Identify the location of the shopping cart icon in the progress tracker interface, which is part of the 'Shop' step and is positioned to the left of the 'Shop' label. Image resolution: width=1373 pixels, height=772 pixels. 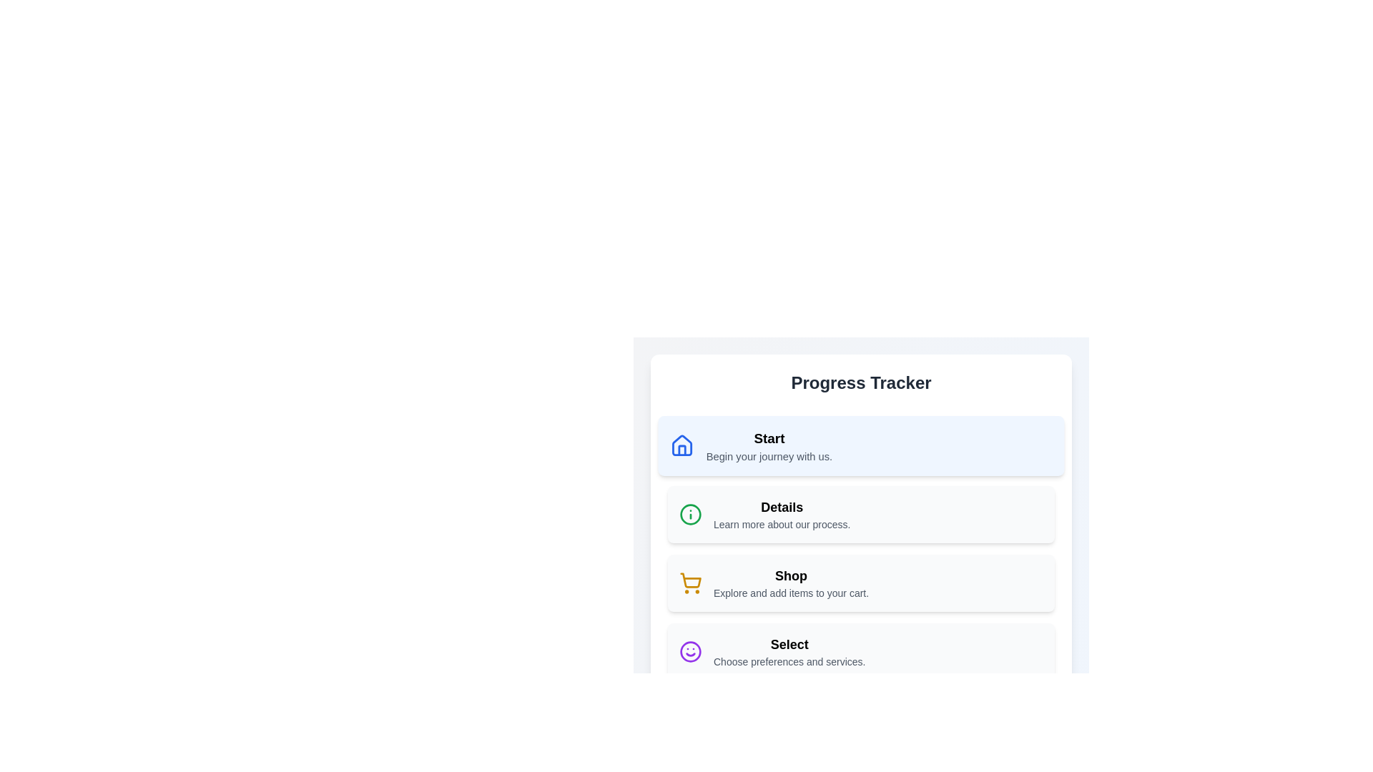
(691, 580).